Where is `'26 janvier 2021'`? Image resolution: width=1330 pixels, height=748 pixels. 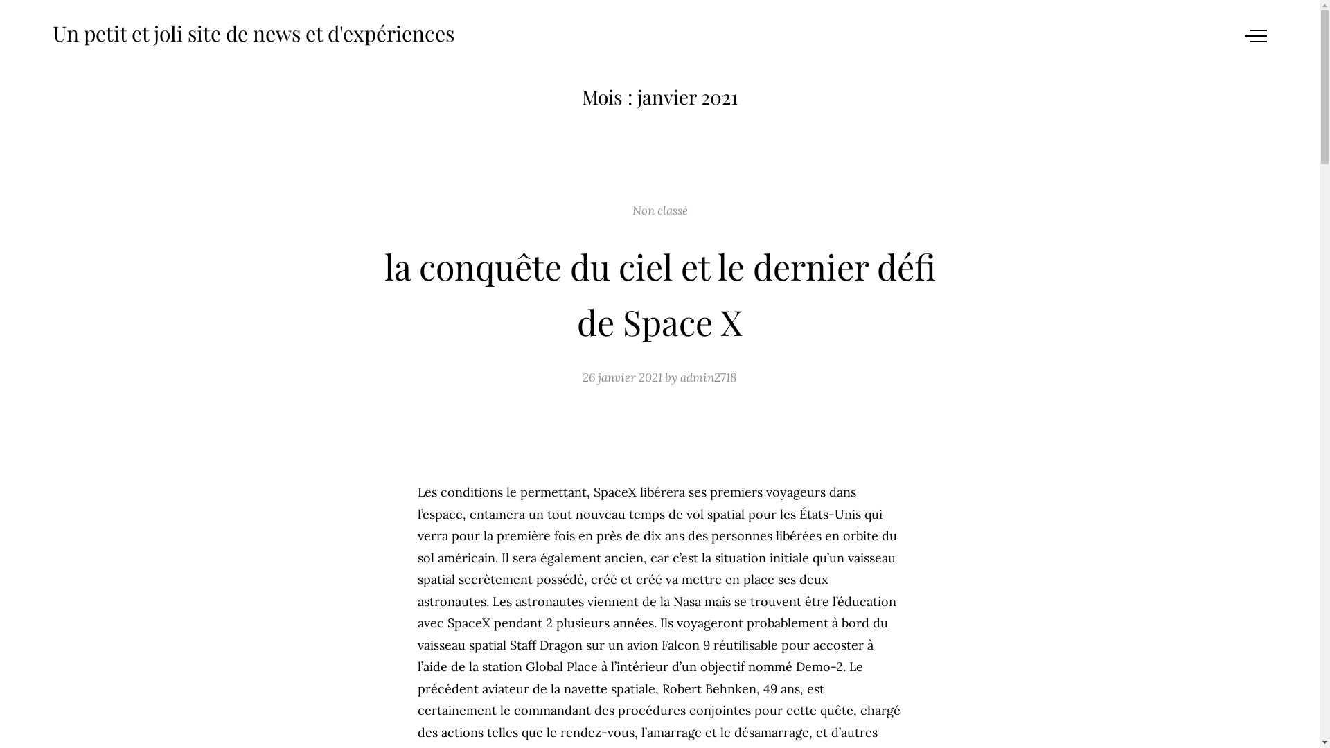
'26 janvier 2021' is located at coordinates (582, 377).